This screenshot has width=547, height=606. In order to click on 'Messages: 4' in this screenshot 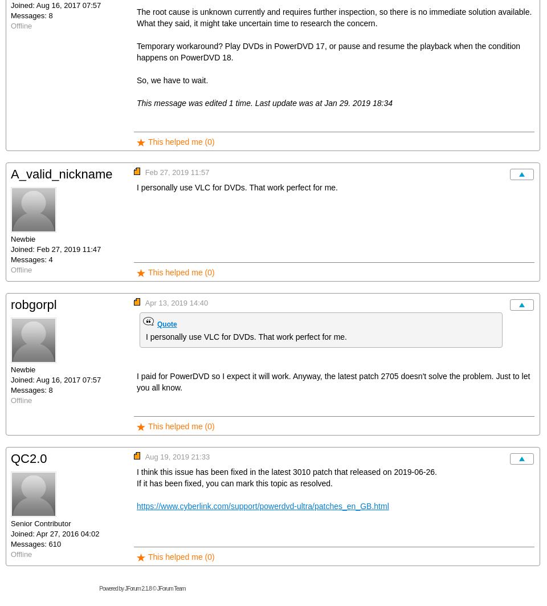, I will do `click(31, 259)`.